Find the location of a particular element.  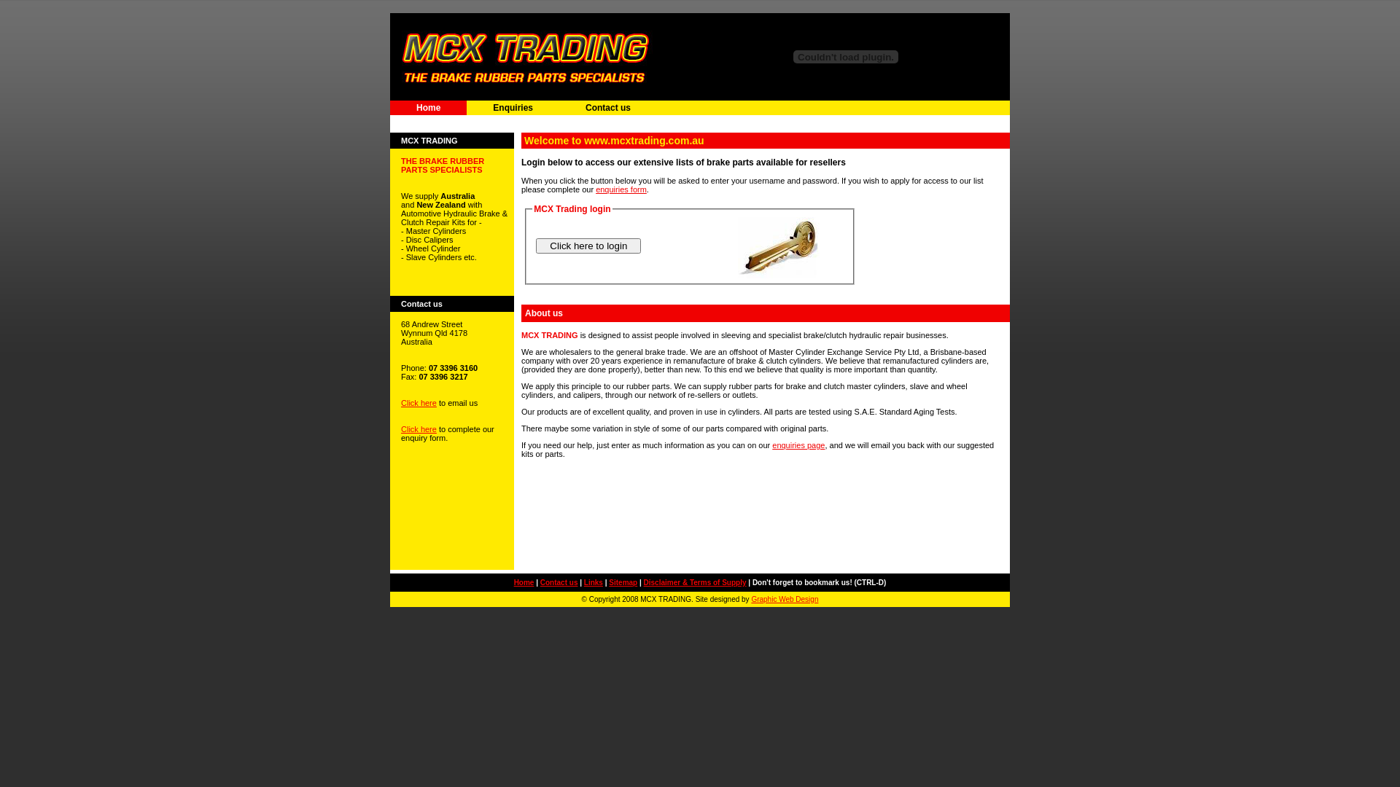

'Enquiries' is located at coordinates (513, 106).